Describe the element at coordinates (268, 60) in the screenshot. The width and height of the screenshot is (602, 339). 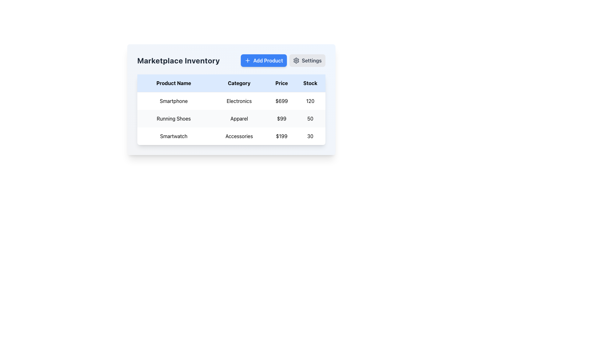
I see `text label 'Add Product' displayed within the button located in the upper area of the interface, next to the settings icon` at that location.